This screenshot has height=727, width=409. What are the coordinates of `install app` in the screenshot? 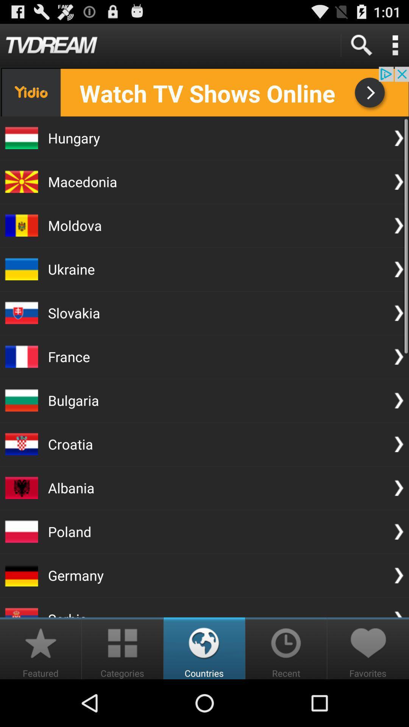 It's located at (204, 91).